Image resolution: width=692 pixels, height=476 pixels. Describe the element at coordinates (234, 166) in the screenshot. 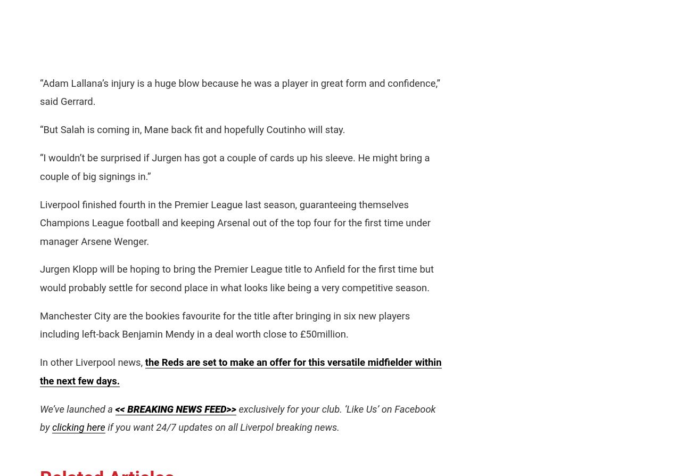

I see `'“I wouldn’t be surprised if Jurgen has got a couple of cards up his sleeve. He might bring a couple of big signings in.”'` at that location.